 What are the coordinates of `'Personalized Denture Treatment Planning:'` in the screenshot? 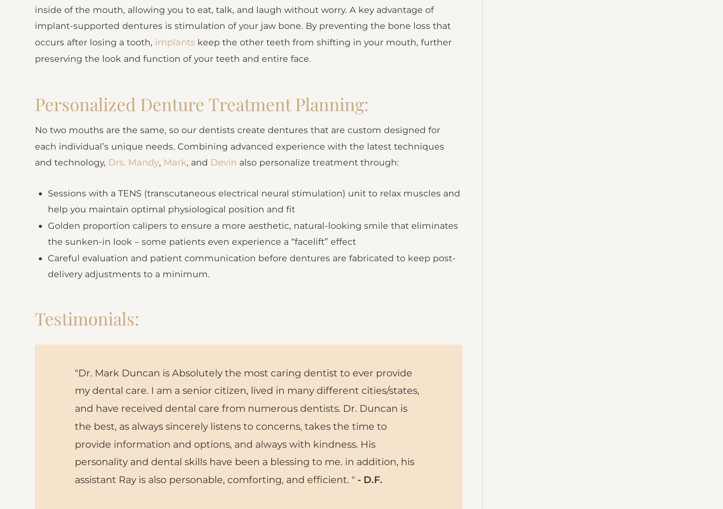 It's located at (35, 119).